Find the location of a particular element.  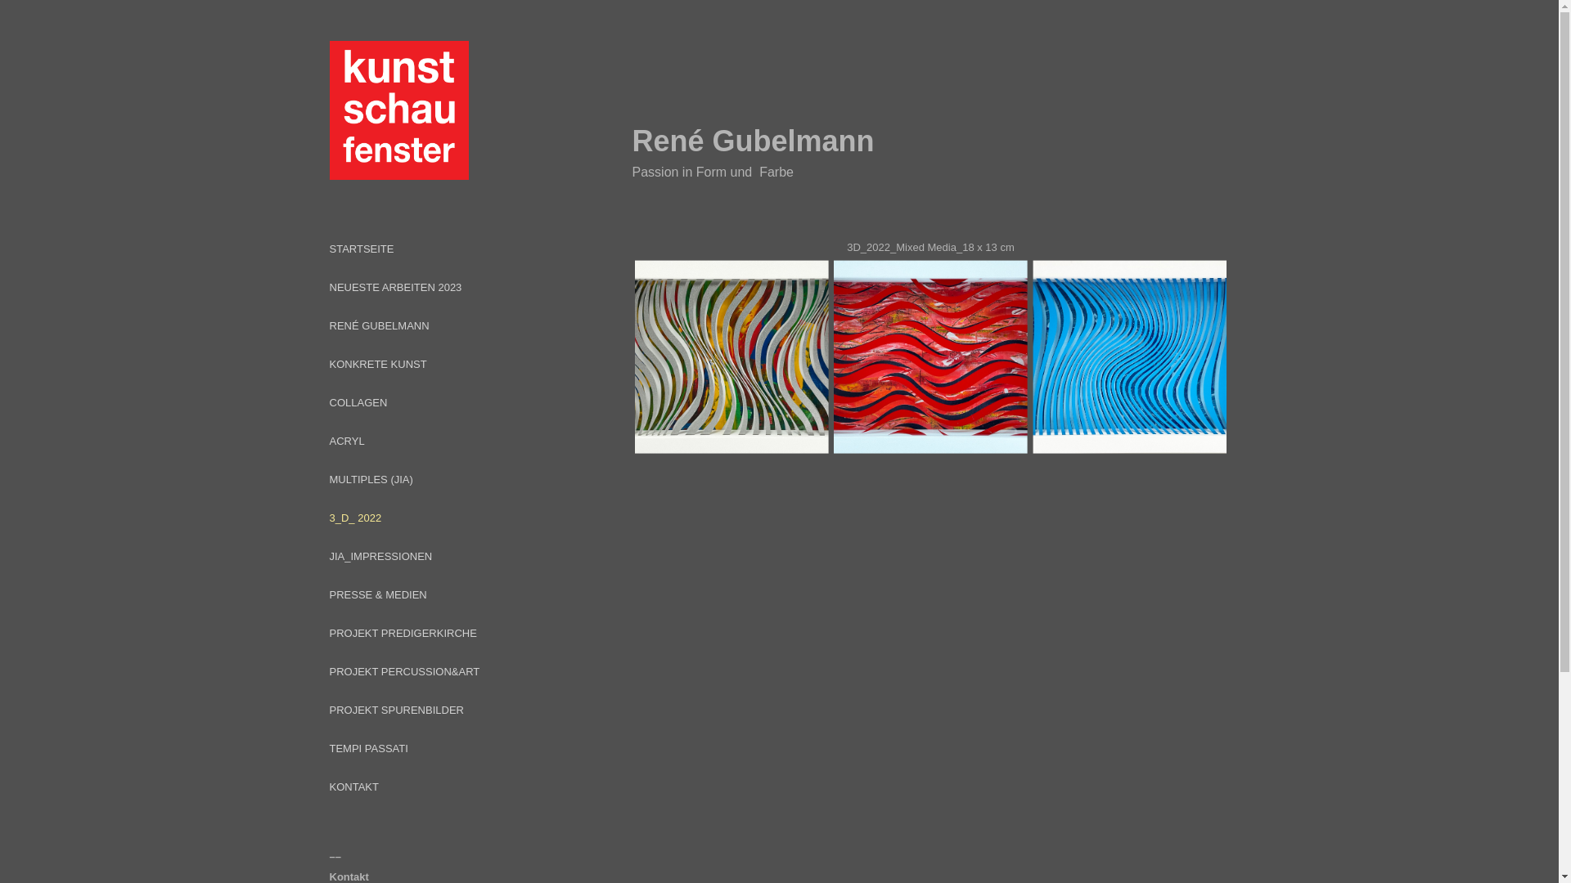

'TEMPI PASSATI' is located at coordinates (367, 748).